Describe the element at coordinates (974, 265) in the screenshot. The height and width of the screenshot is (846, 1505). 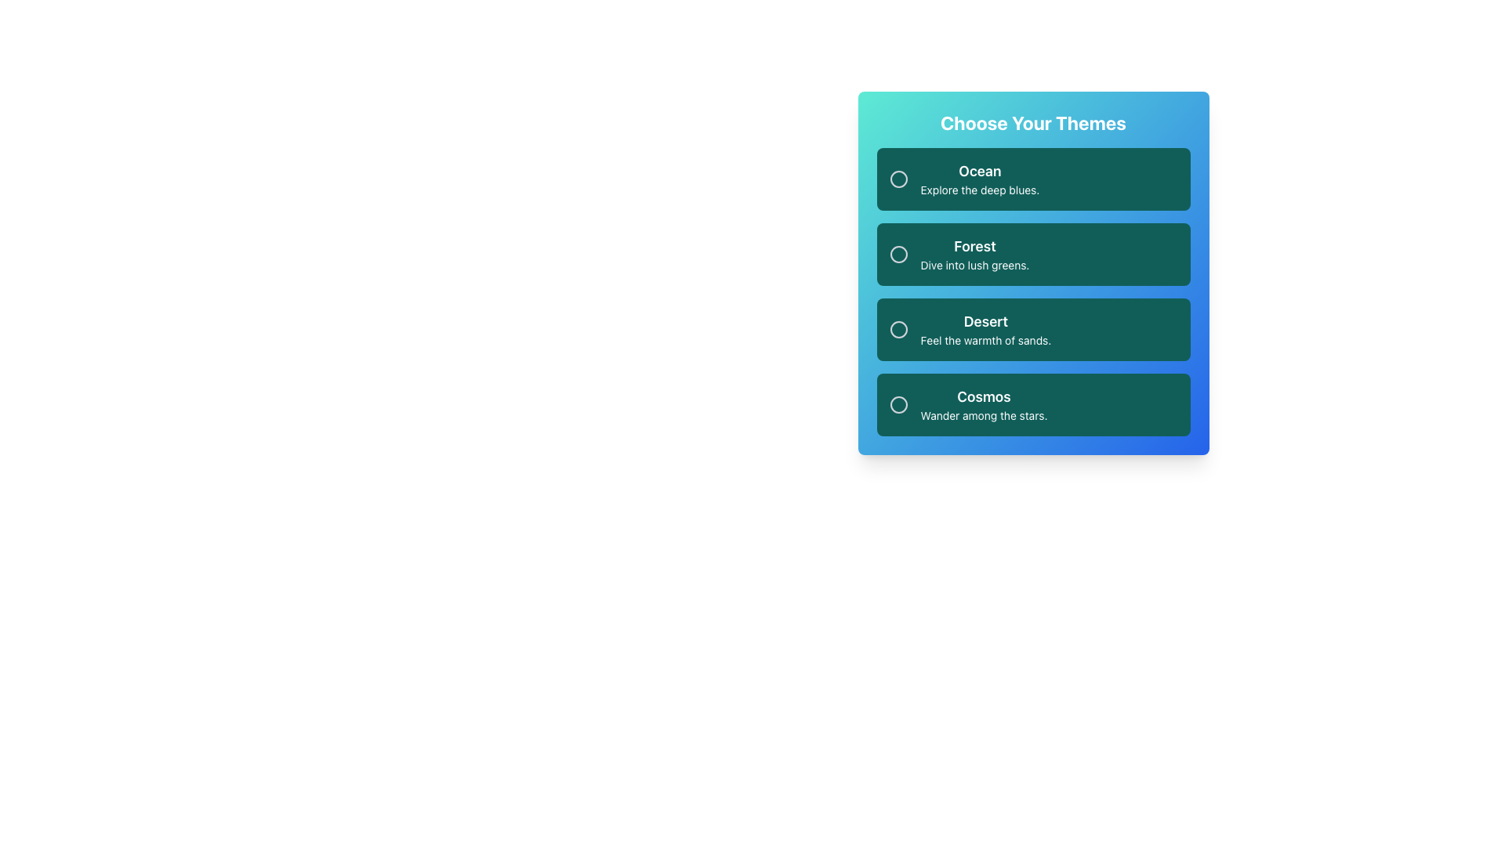
I see `the text label that reads 'Dive into lush greens.' which is styled in a smaller font size with a white color on a dark green background, located below the larger text 'Forest.'` at that location.